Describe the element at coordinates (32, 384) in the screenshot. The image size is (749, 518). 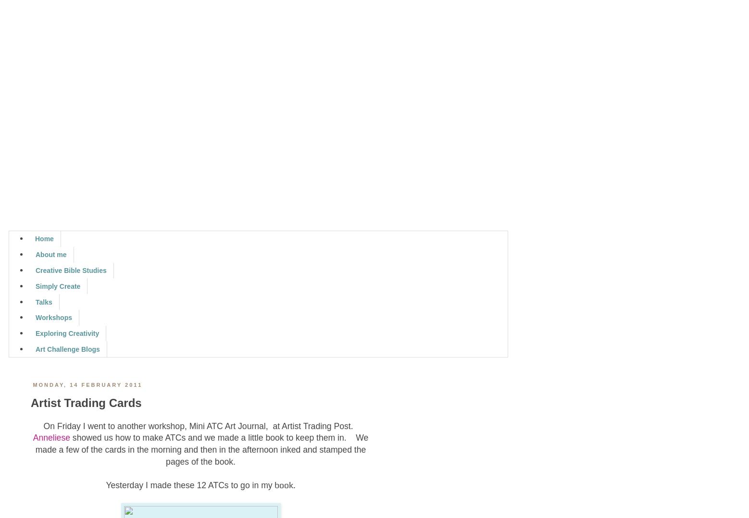
I see `'Monday, 14 February 2011'` at that location.